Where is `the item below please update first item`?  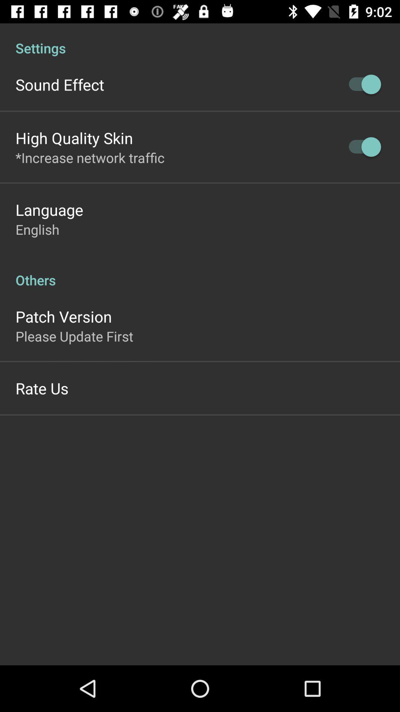
the item below please update first item is located at coordinates (42, 388).